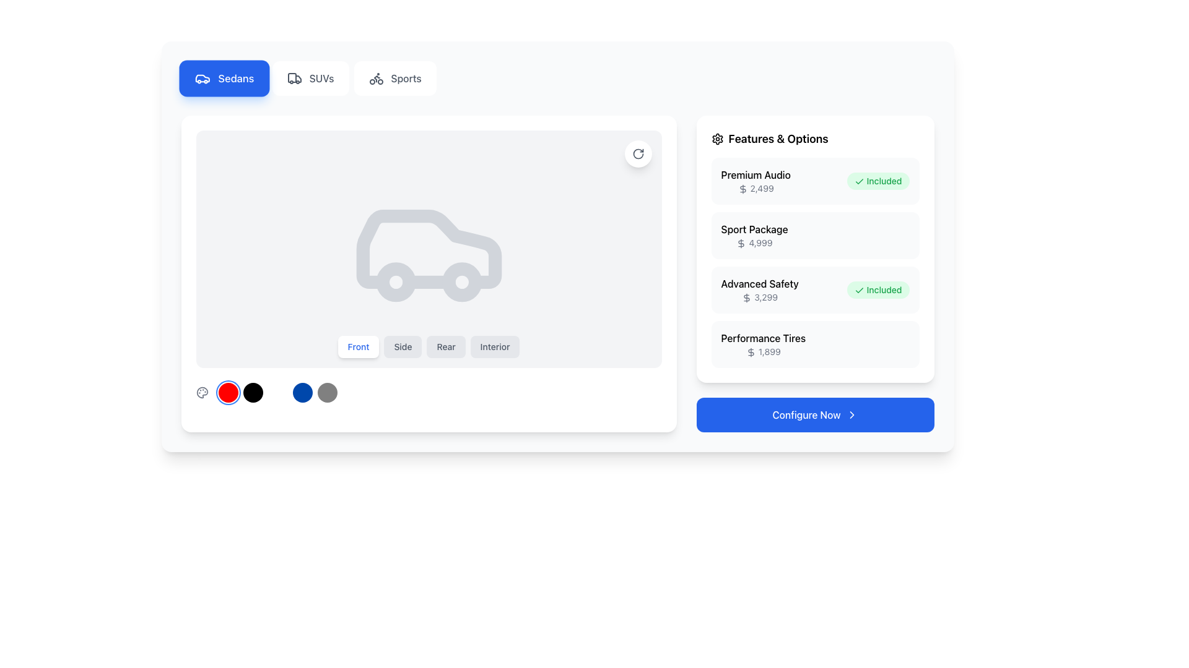 This screenshot has height=668, width=1189. I want to click on the text display showing '4,999' with a dollar sign icon, located in the 'Features & Options' section of the right-hand panel below 'Sport Package', so click(754, 243).